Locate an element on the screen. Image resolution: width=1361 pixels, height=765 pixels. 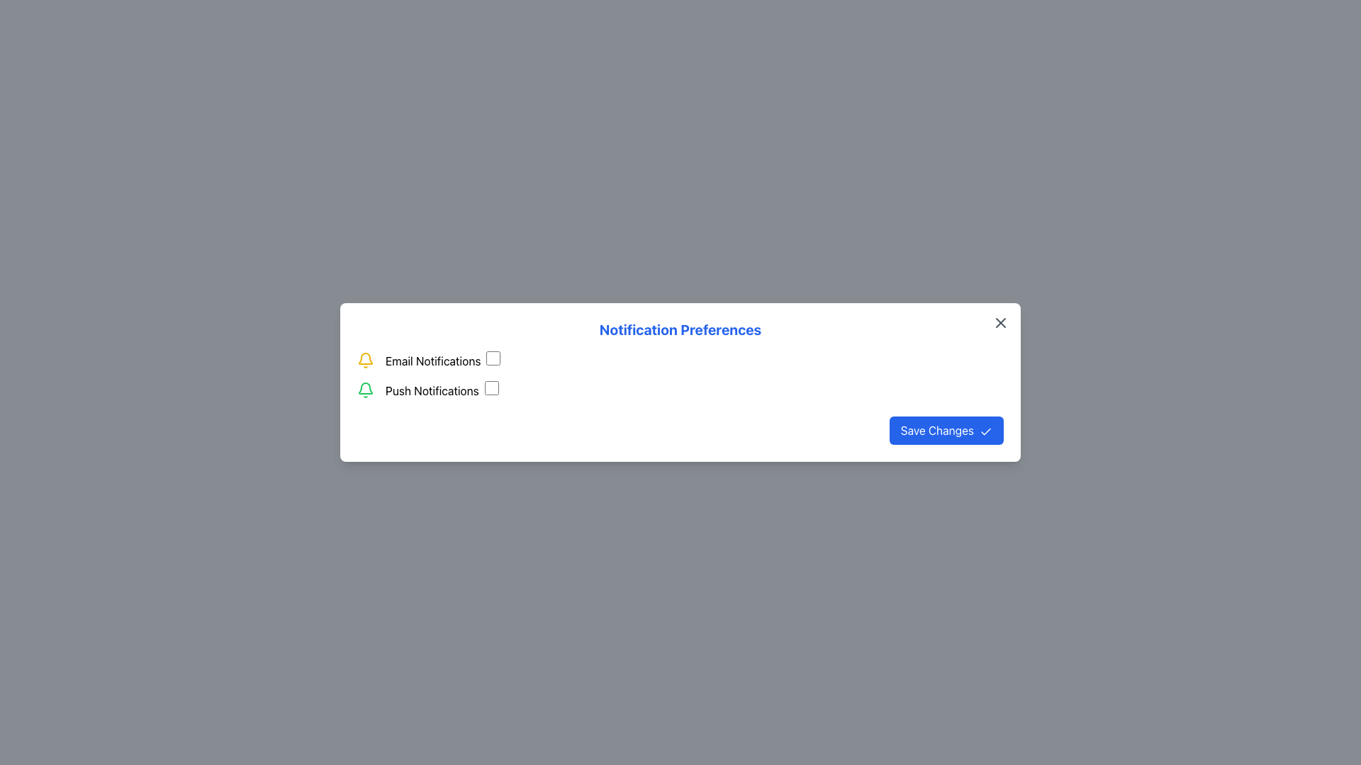
the checkmark icon located on the blue 'Save Changes' button in the lower-right corner of the modal dialog is located at coordinates (985, 431).